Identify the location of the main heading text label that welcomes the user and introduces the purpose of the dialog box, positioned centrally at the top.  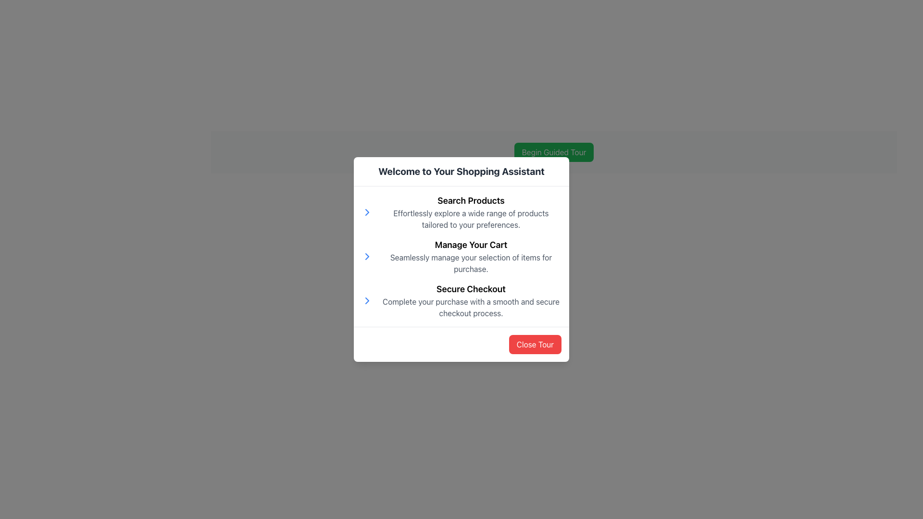
(461, 171).